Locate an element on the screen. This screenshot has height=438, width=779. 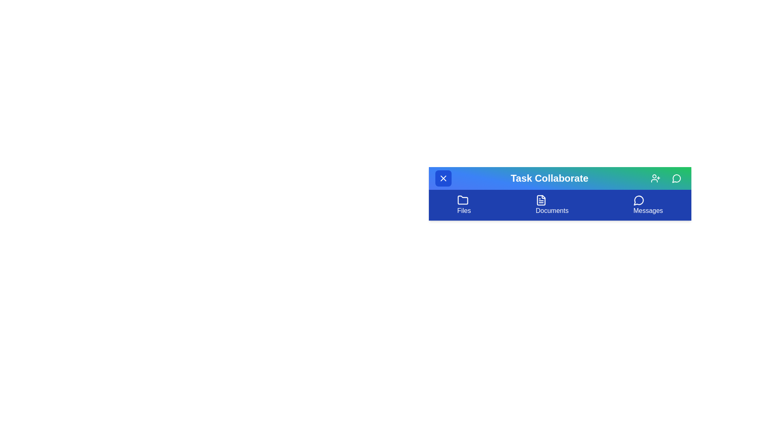
the 'Files' menu item to select it is located at coordinates (464, 204).